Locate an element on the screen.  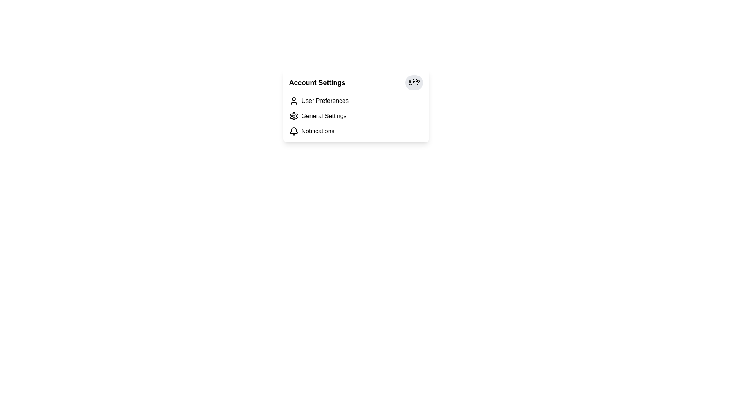
the notifications navigation label located in the 'Account Settings' panel is located at coordinates (318, 131).